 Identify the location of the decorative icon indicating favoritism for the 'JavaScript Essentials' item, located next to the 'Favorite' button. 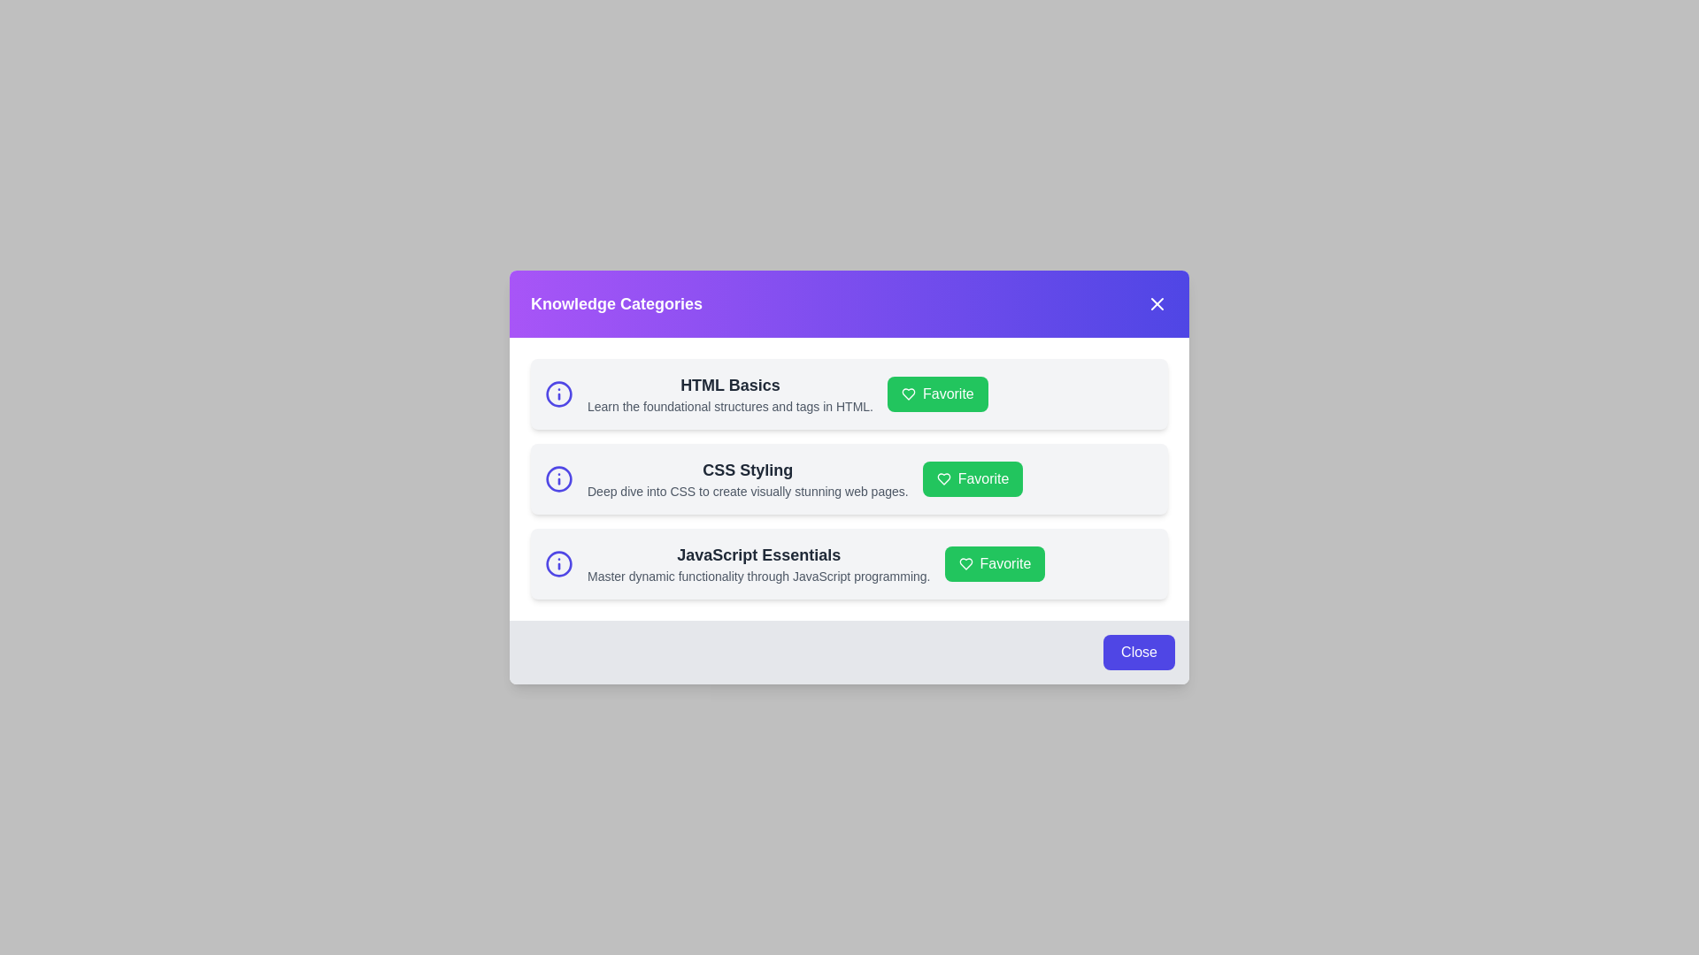
(965, 563).